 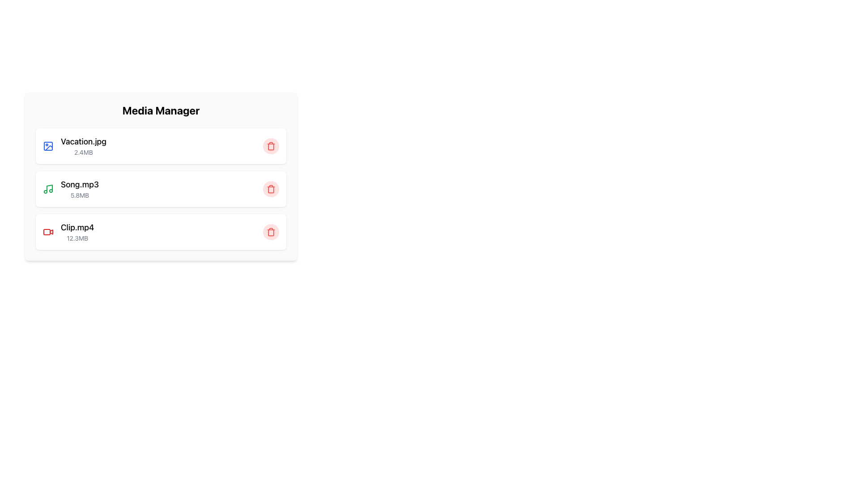 What do you see at coordinates (161, 110) in the screenshot?
I see `text label at the top-center of the media files card, which provides context about the contents below` at bounding box center [161, 110].